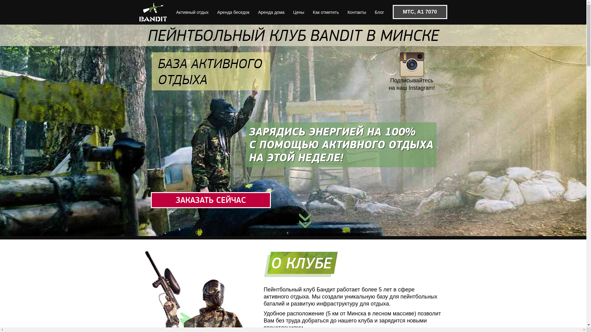 This screenshot has height=332, width=591. I want to click on 'bandit.by', so click(139, 12).